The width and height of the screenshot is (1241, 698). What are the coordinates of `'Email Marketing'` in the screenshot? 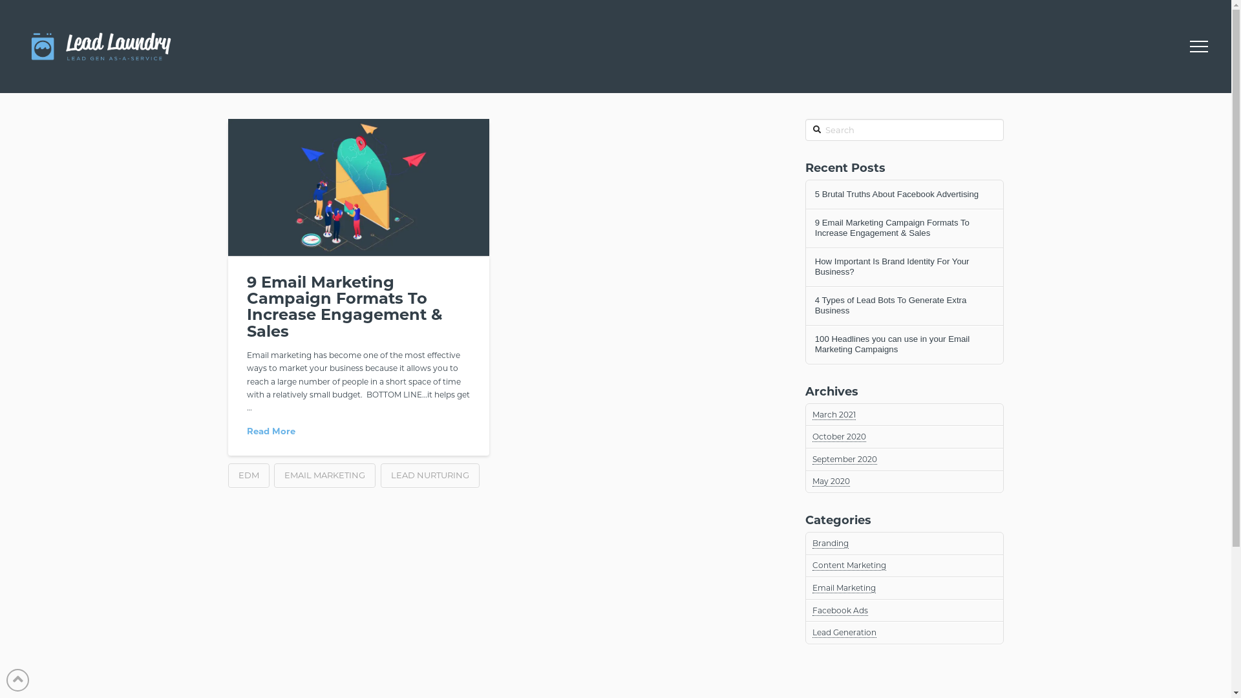 It's located at (843, 588).